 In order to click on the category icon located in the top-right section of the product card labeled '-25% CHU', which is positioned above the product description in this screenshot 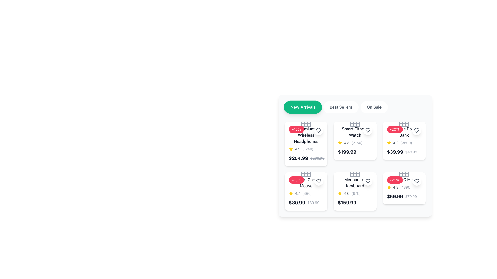, I will do `click(404, 172)`.